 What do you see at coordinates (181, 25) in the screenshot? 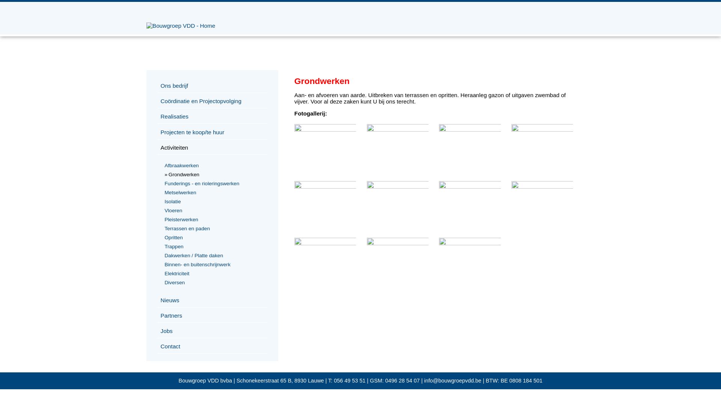
I see `'Bouwgroep VDD - Home'` at bounding box center [181, 25].